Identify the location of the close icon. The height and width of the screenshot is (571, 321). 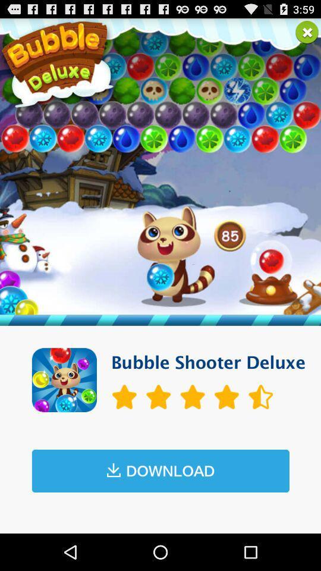
(307, 34).